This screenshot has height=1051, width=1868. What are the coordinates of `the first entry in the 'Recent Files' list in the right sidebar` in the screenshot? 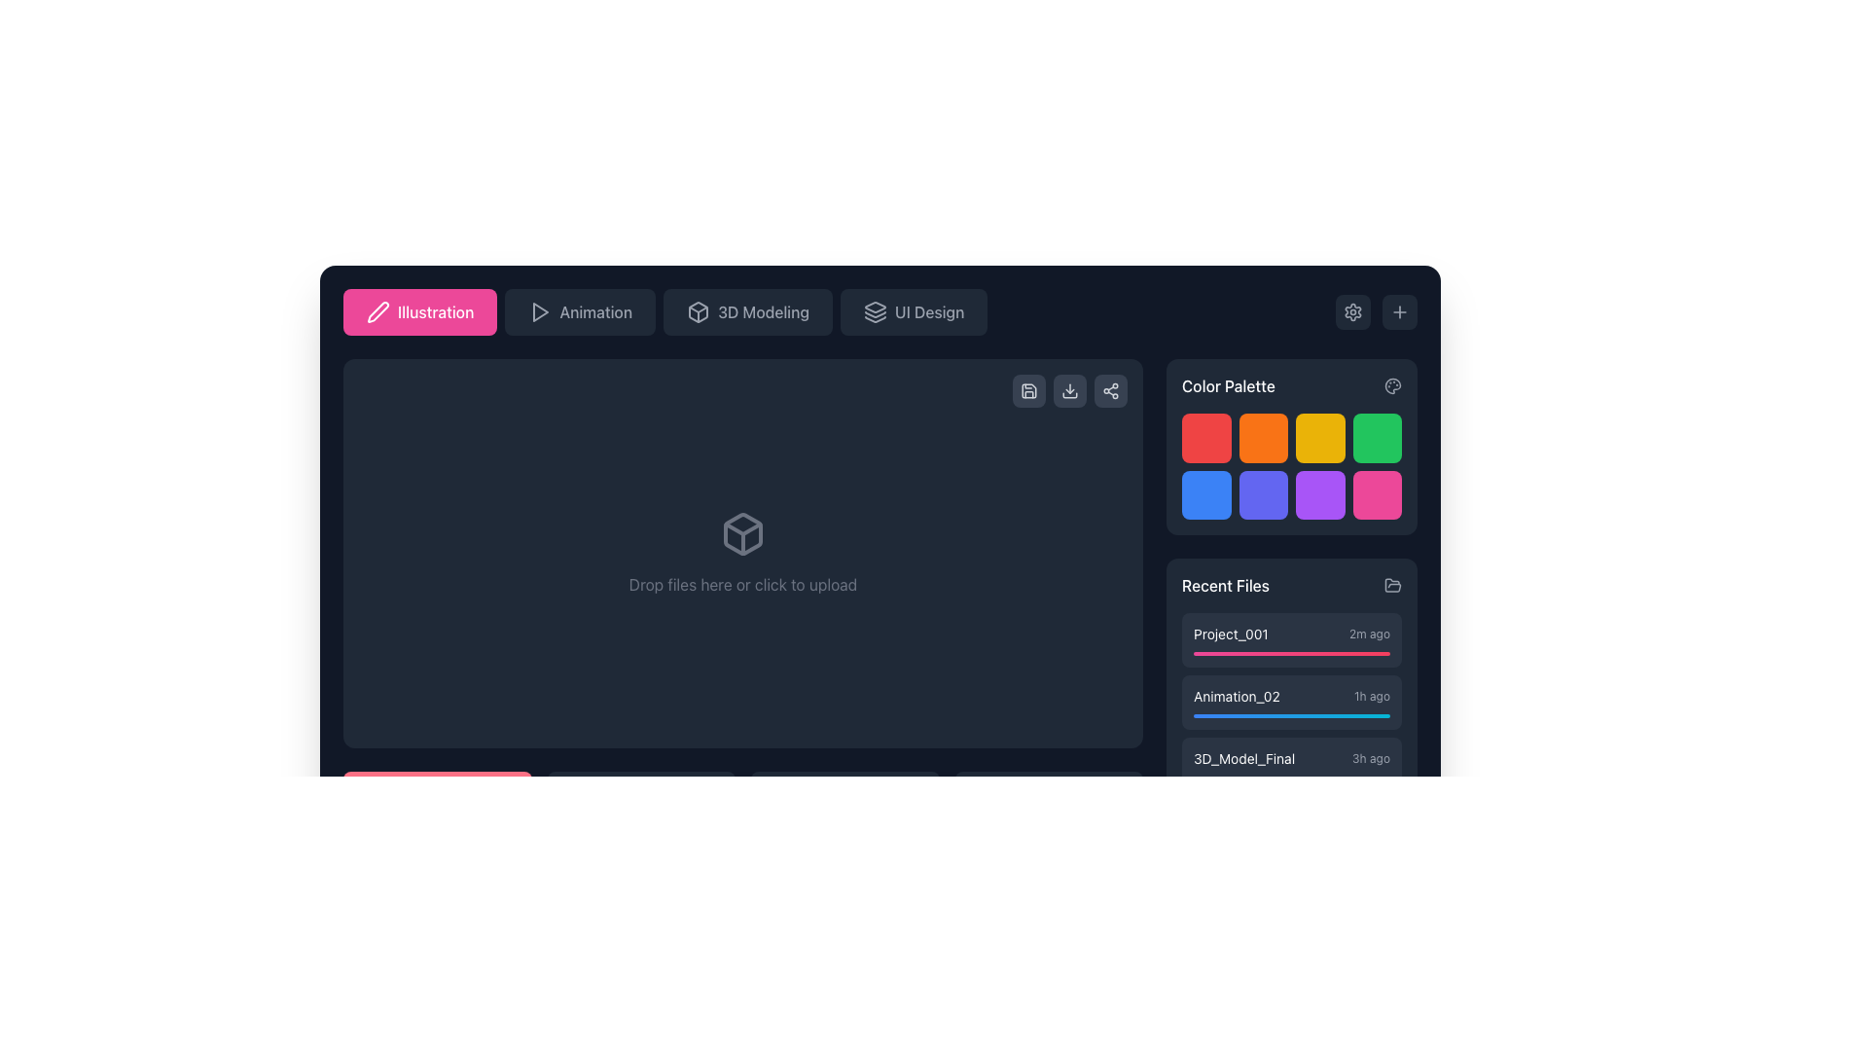 It's located at (1292, 640).